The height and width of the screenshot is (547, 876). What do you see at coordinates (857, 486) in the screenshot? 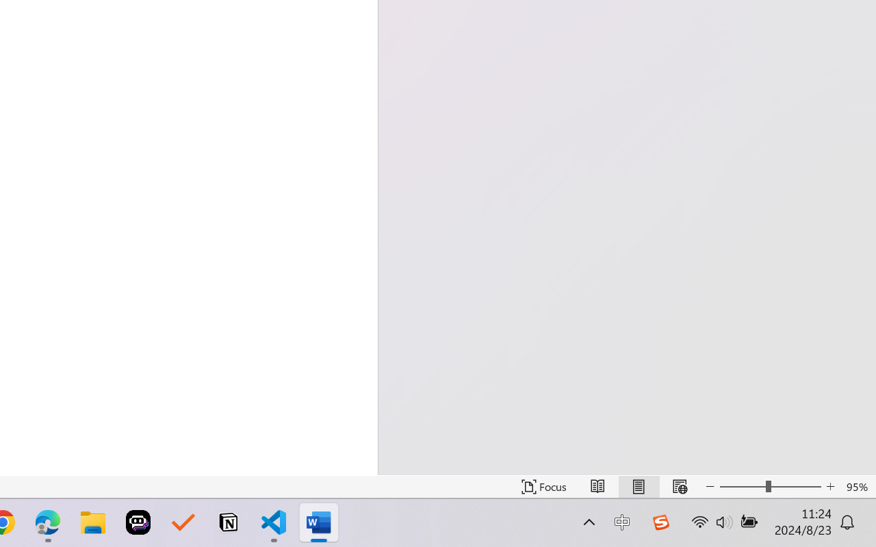
I see `'Zoom 95%'` at bounding box center [857, 486].